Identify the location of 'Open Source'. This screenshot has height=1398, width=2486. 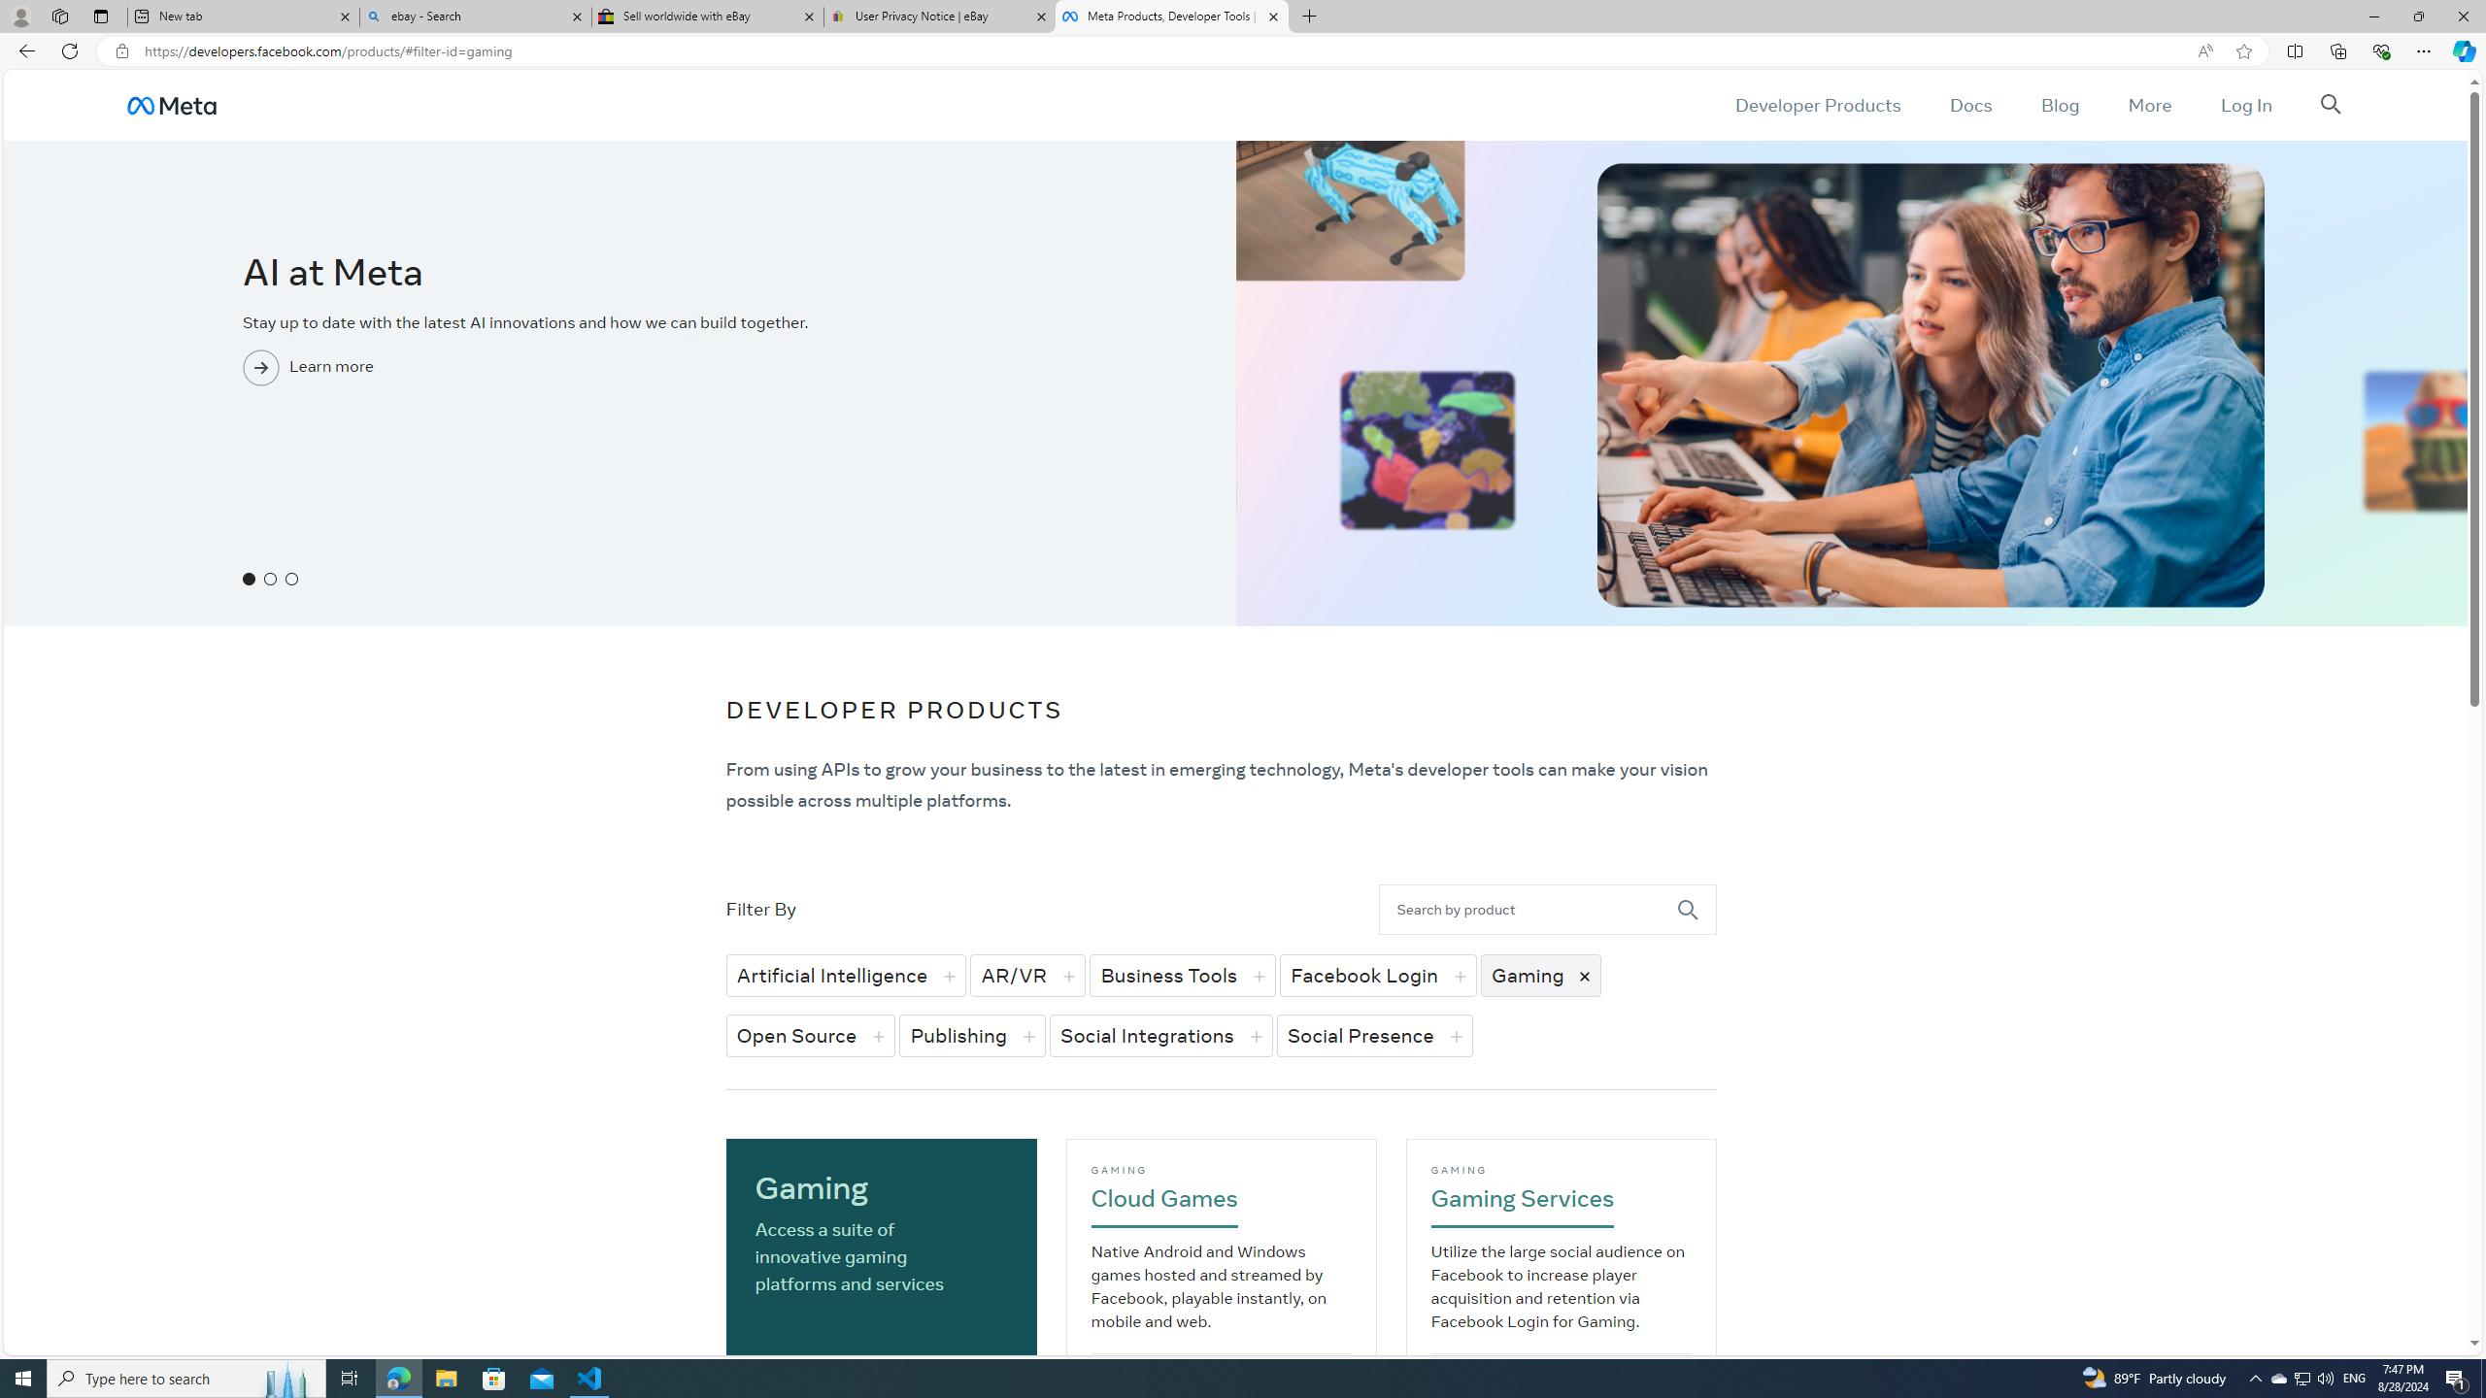
(811, 1035).